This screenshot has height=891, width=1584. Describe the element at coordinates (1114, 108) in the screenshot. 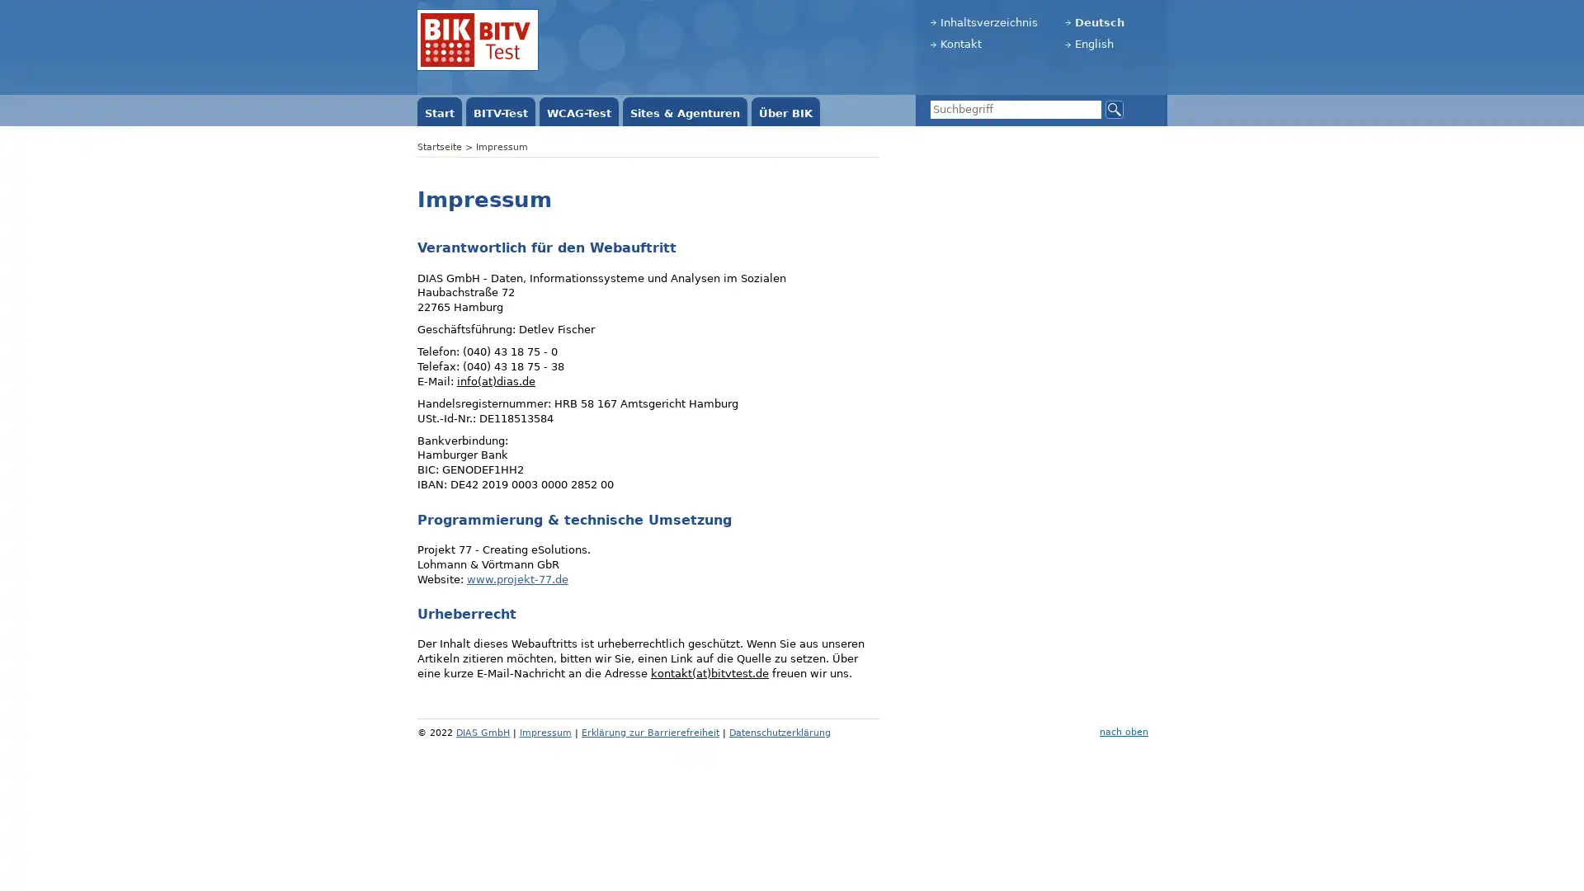

I see `Suche starten` at that location.